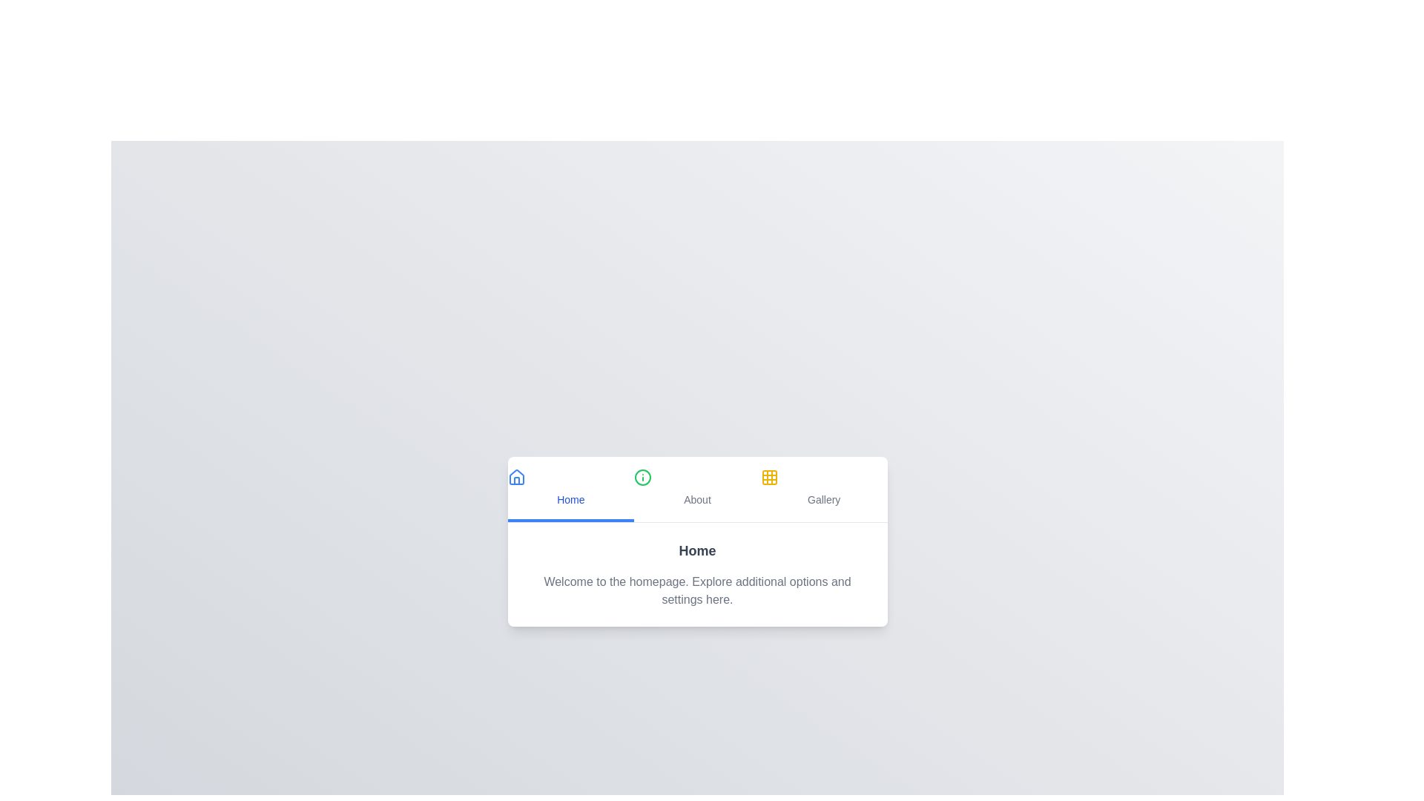 Image resolution: width=1424 pixels, height=801 pixels. What do you see at coordinates (516, 477) in the screenshot?
I see `the tab icon corresponding to Home` at bounding box center [516, 477].